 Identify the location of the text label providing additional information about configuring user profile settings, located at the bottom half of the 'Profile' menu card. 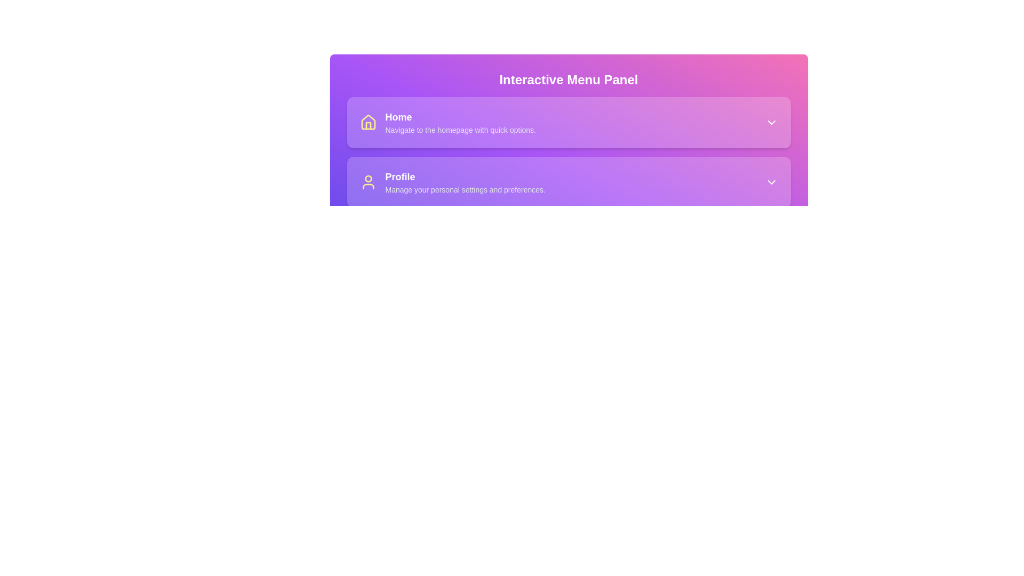
(465, 189).